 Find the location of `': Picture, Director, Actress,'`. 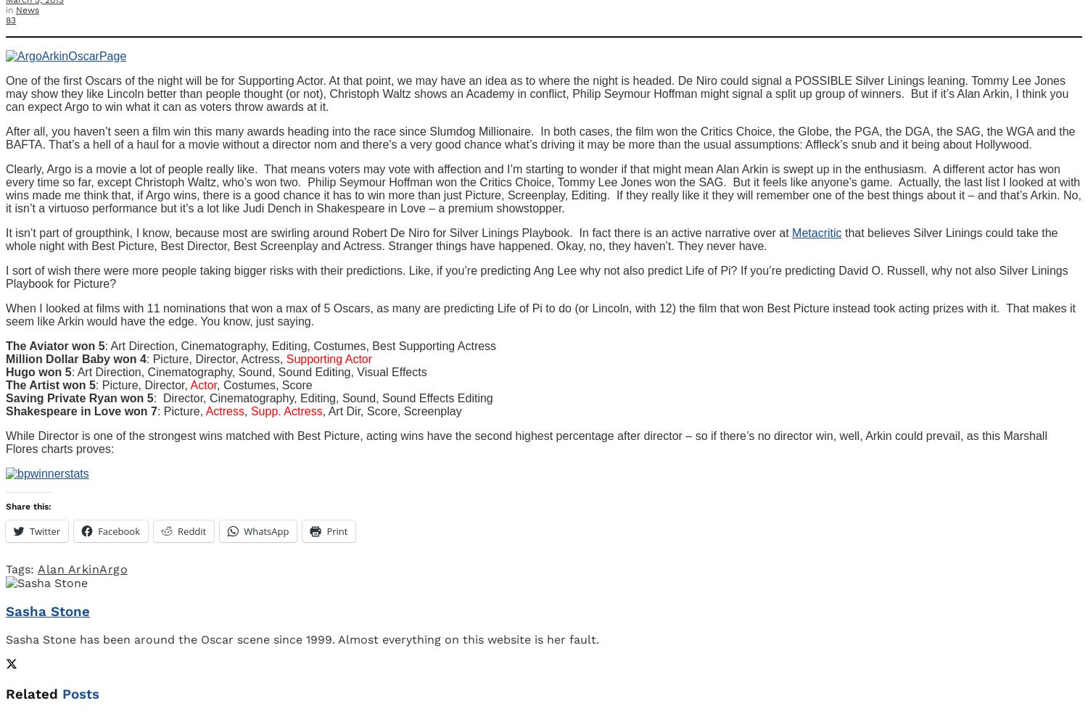

': Picture, Director, Actress,' is located at coordinates (215, 358).